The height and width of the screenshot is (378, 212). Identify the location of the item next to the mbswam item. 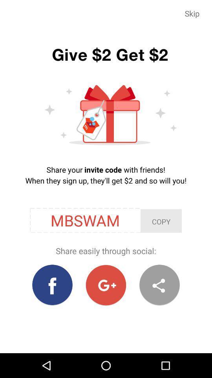
(161, 221).